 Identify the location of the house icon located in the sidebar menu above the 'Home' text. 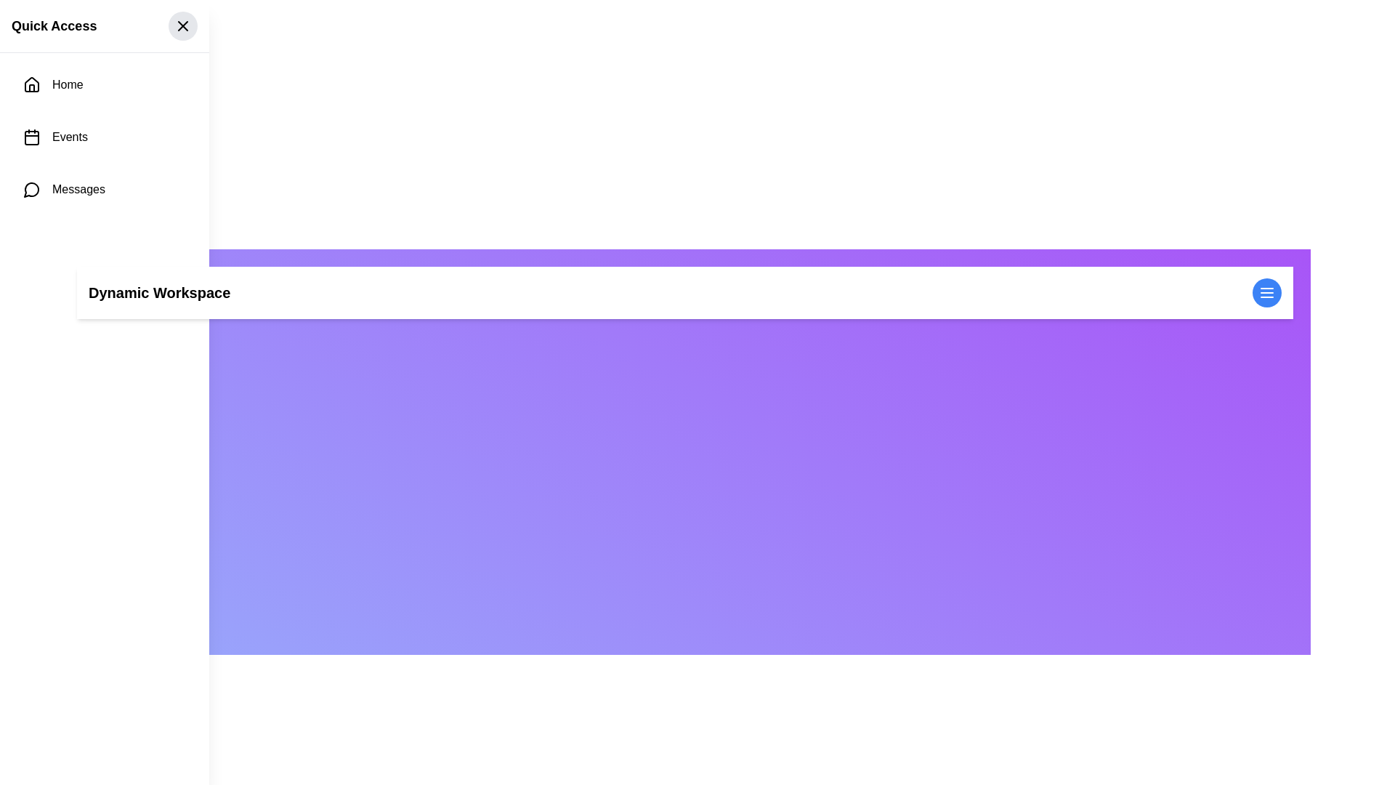
(31, 84).